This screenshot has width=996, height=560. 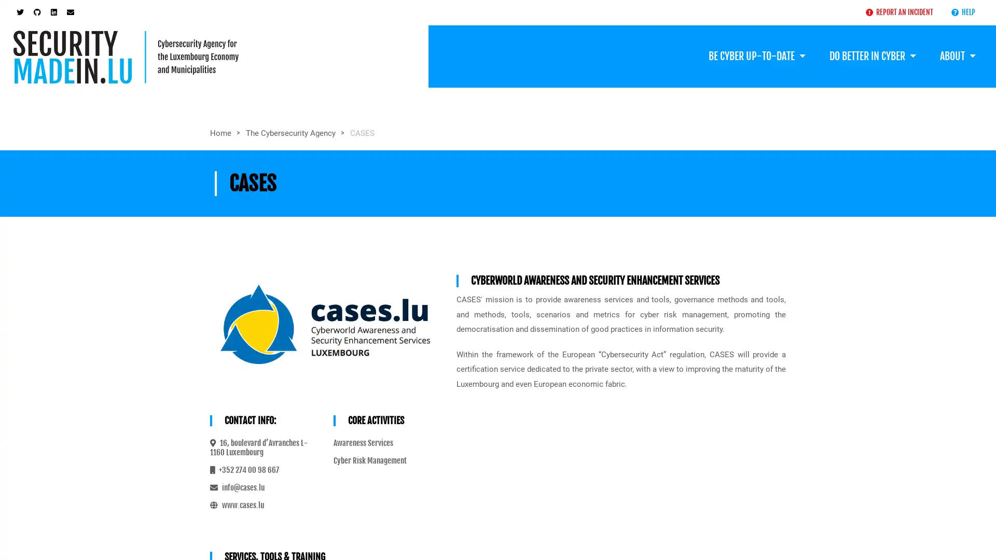 What do you see at coordinates (756, 56) in the screenshot?
I see `BE CYBER UP-TO-DATE` at bounding box center [756, 56].